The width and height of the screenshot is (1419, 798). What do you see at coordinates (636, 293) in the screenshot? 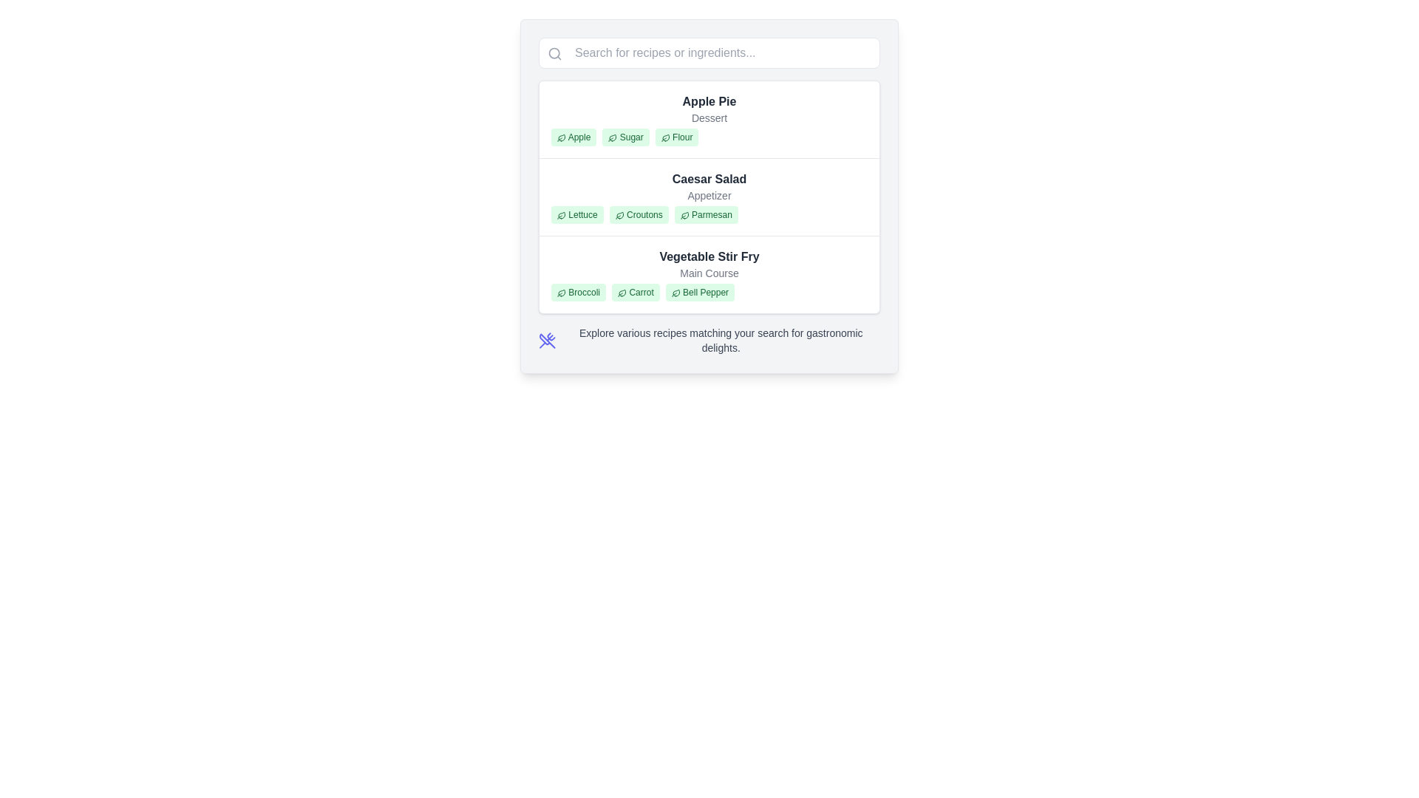
I see `the 'Carrot' badge element, which is styled with a green background and displays the text 'Carrot' with a leaf icon on the left, located in the 'Vegetable Stir Fry' section` at bounding box center [636, 293].